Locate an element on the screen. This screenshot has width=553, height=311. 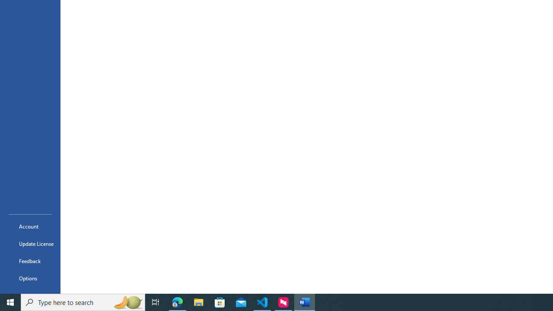
'Update License' is located at coordinates (30, 244).